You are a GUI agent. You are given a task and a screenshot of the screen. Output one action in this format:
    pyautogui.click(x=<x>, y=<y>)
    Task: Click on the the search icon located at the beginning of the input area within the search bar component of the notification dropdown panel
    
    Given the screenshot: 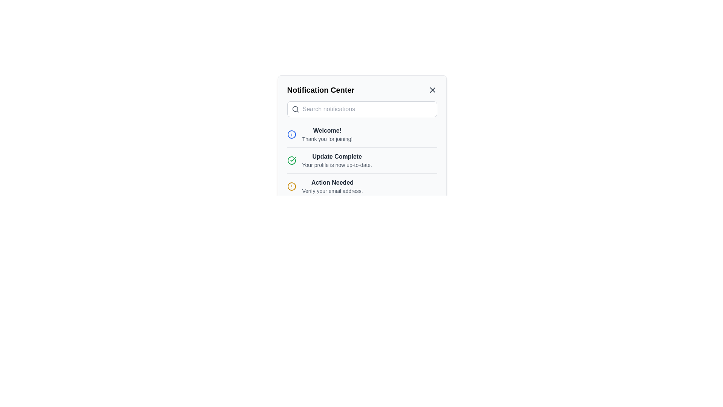 What is the action you would take?
    pyautogui.click(x=295, y=109)
    